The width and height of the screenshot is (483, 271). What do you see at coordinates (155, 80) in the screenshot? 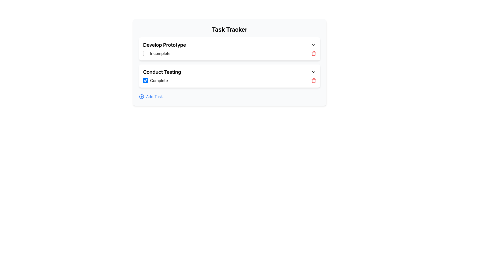
I see `the green-checked checkbox labeled 'Complete' located on the right side of the second task row labeled 'Conduct Testing'` at bounding box center [155, 80].